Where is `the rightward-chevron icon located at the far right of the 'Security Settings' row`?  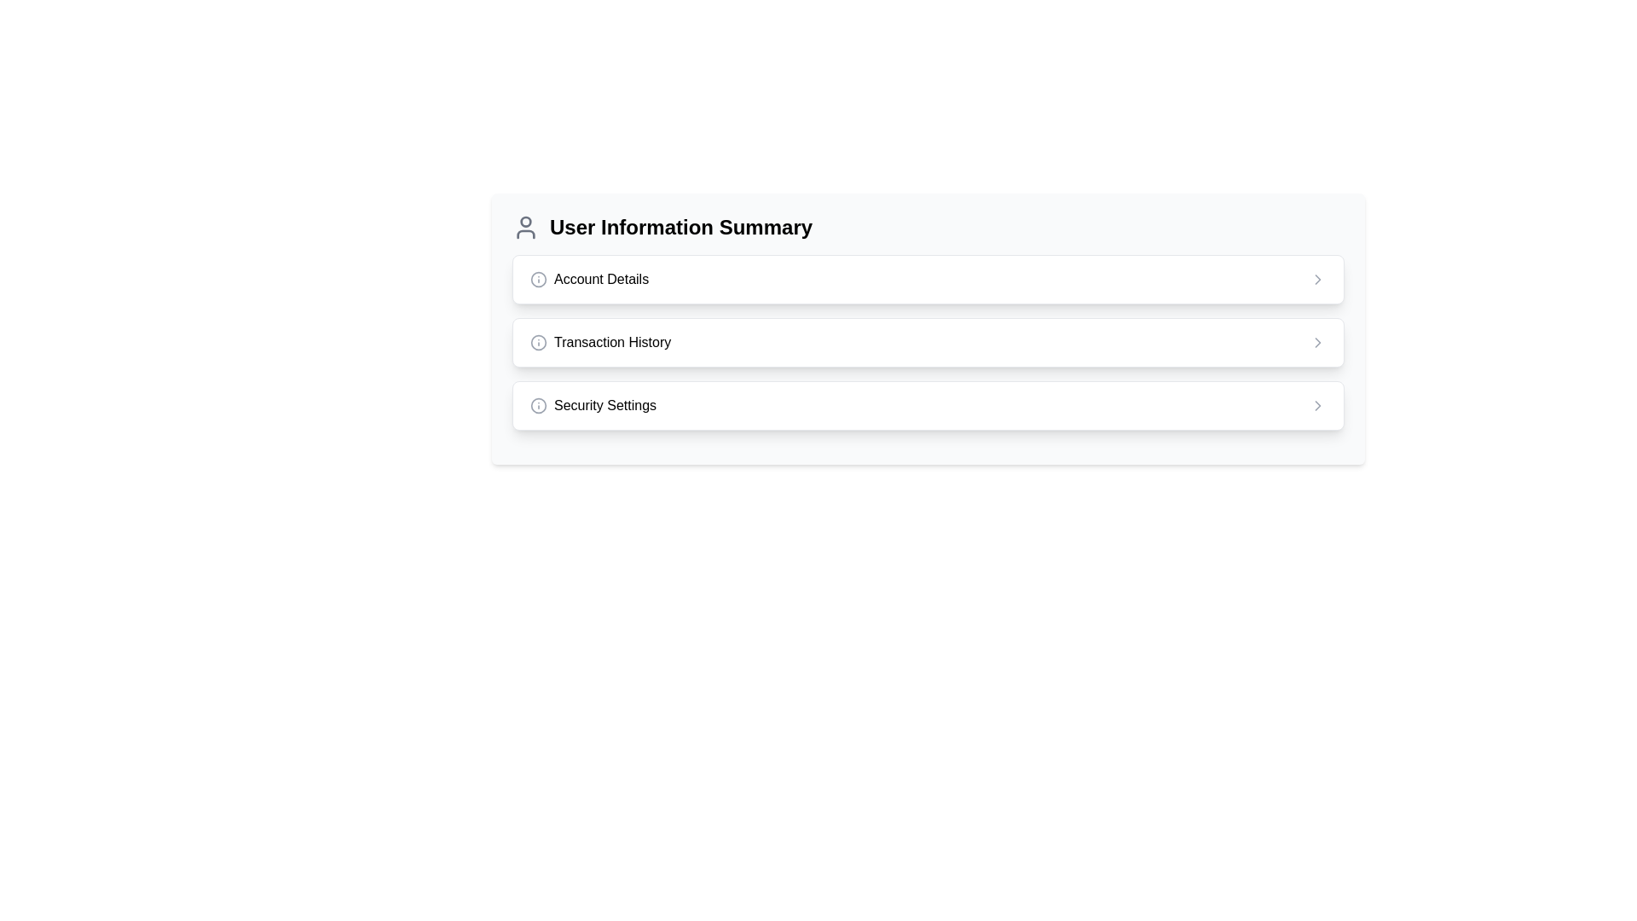
the rightward-chevron icon located at the far right of the 'Security Settings' row is located at coordinates (1316, 405).